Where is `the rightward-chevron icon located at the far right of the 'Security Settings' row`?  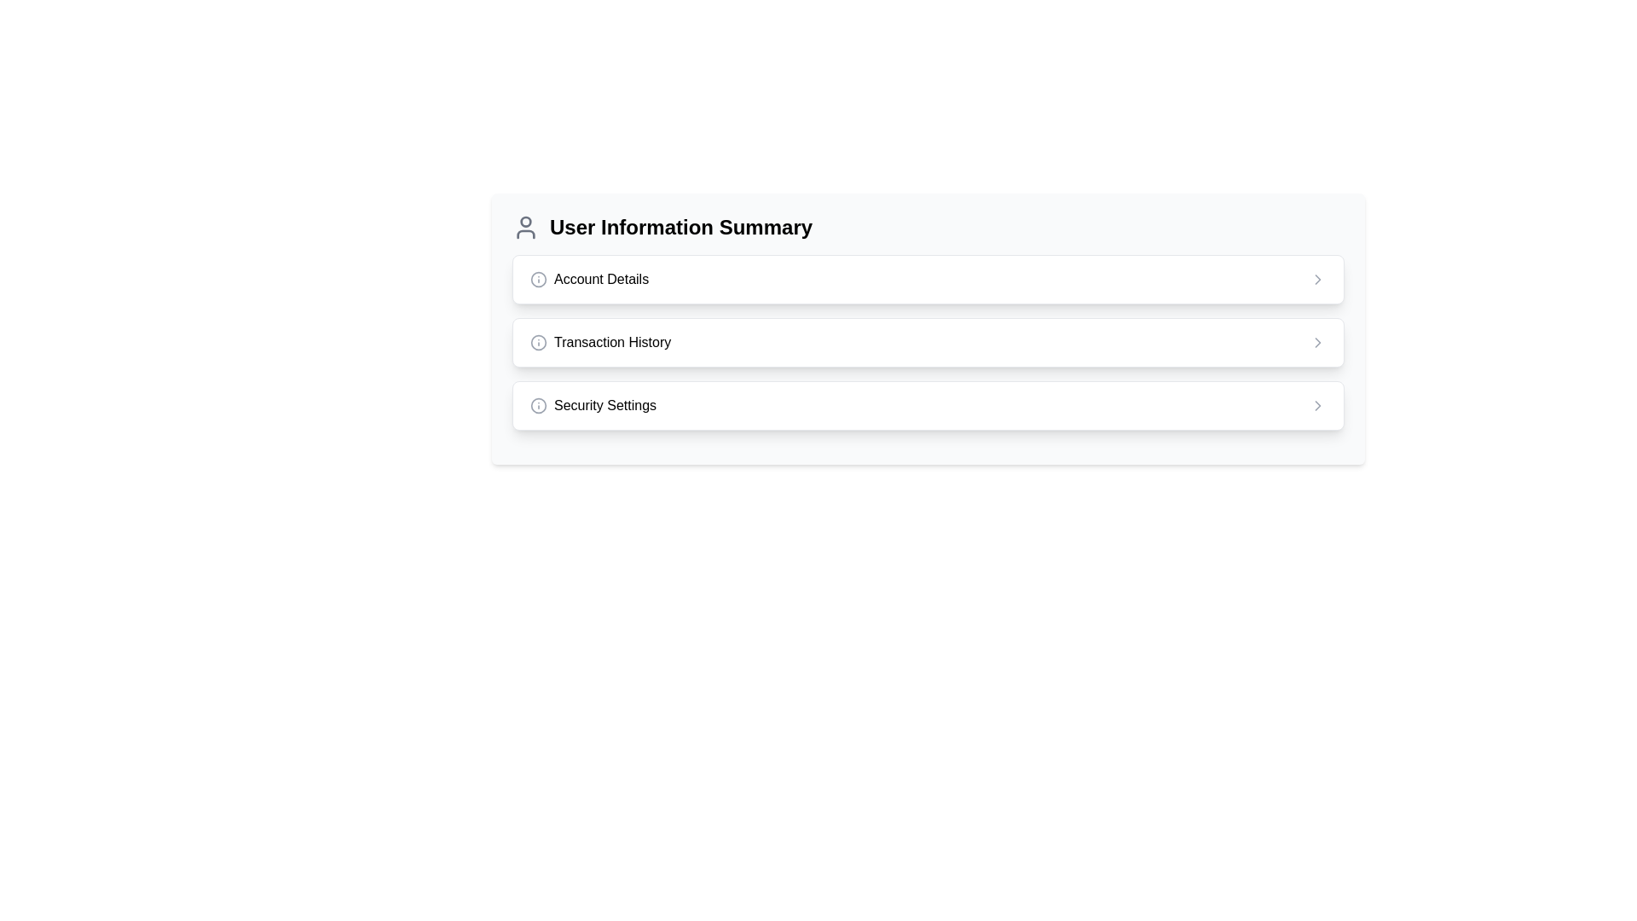
the rightward-chevron icon located at the far right of the 'Security Settings' row is located at coordinates (1316, 405).